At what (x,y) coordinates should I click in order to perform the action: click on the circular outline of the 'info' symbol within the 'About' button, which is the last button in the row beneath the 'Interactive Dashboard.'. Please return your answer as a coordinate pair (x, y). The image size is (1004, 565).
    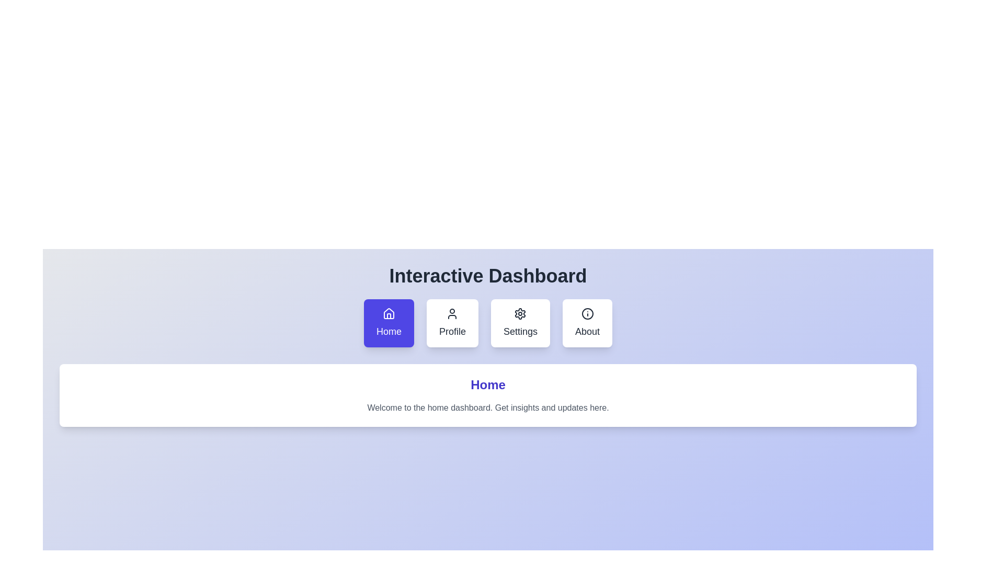
    Looking at the image, I should click on (587, 313).